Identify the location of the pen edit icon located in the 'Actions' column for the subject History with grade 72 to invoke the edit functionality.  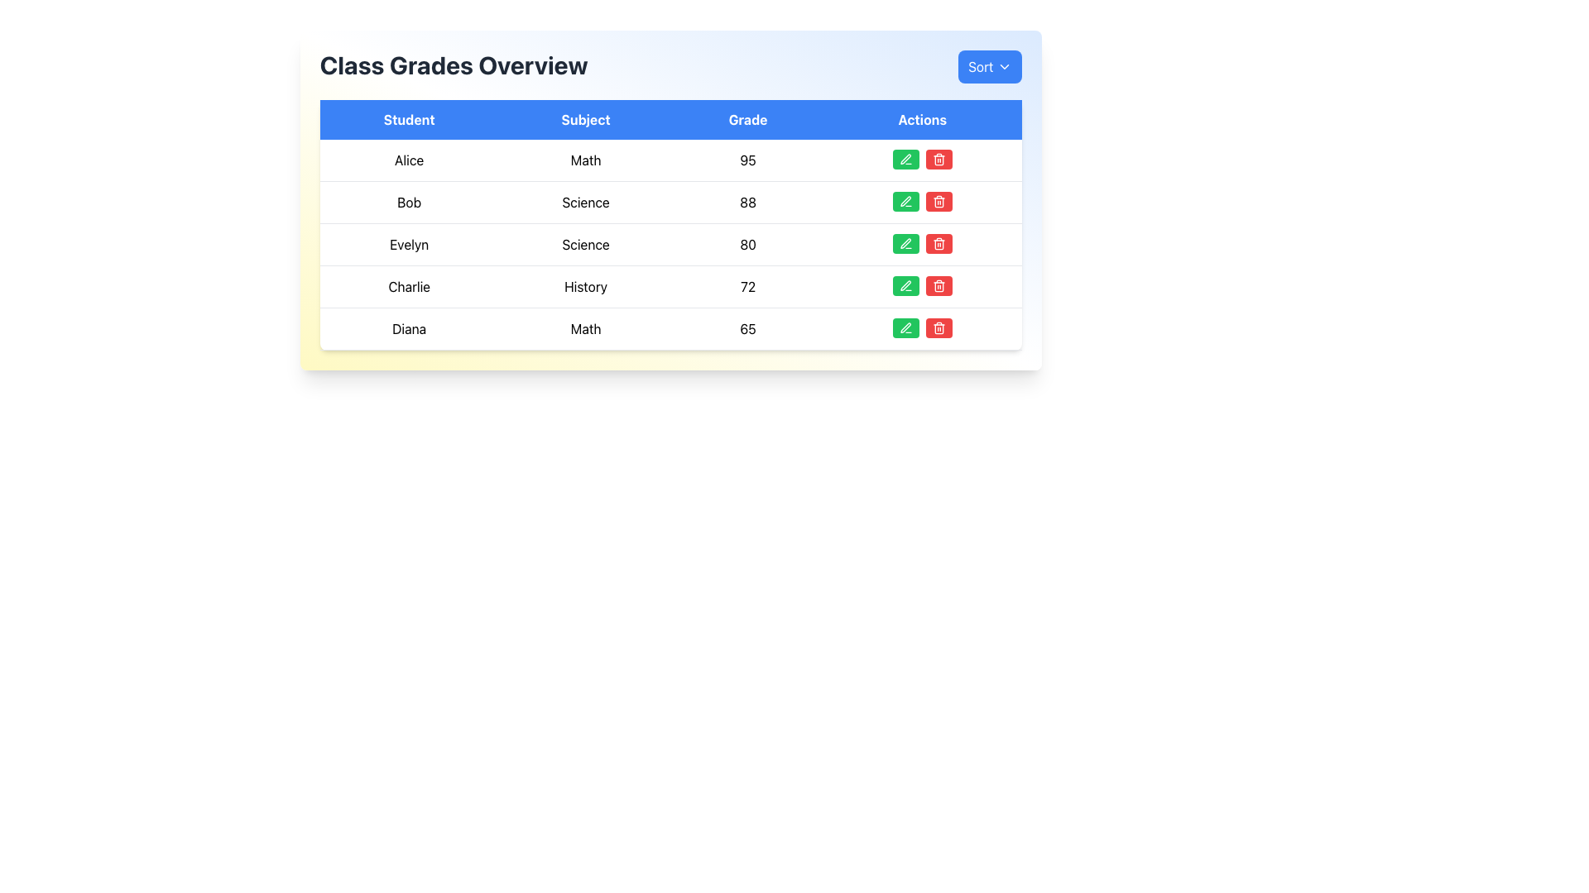
(905, 284).